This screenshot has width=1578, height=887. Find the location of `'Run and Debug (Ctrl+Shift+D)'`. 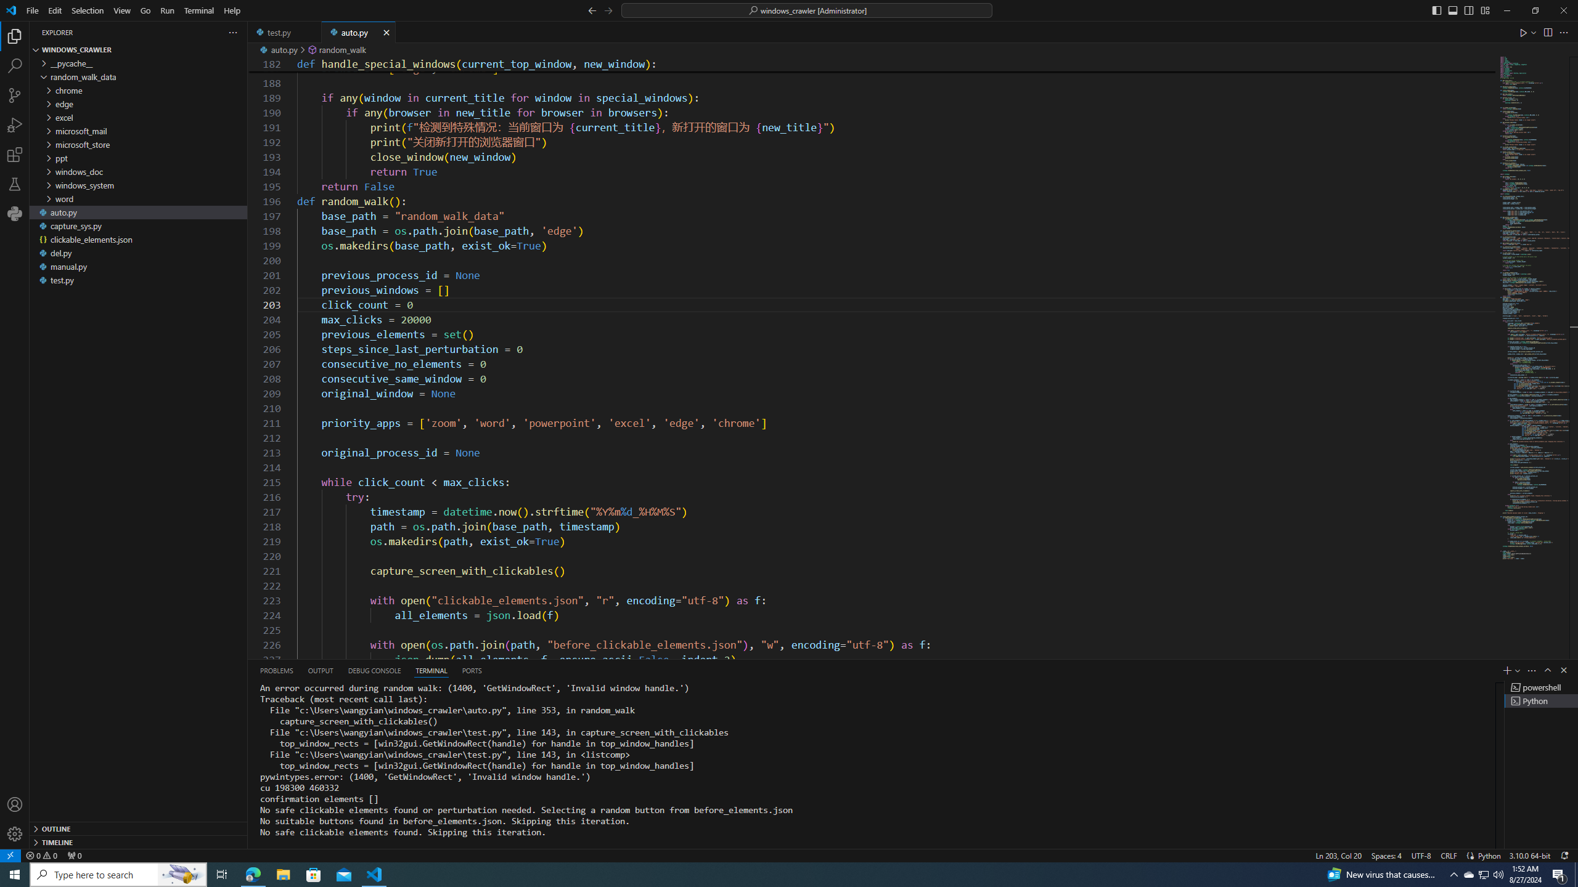

'Run and Debug (Ctrl+Shift+D)' is located at coordinates (15, 124).